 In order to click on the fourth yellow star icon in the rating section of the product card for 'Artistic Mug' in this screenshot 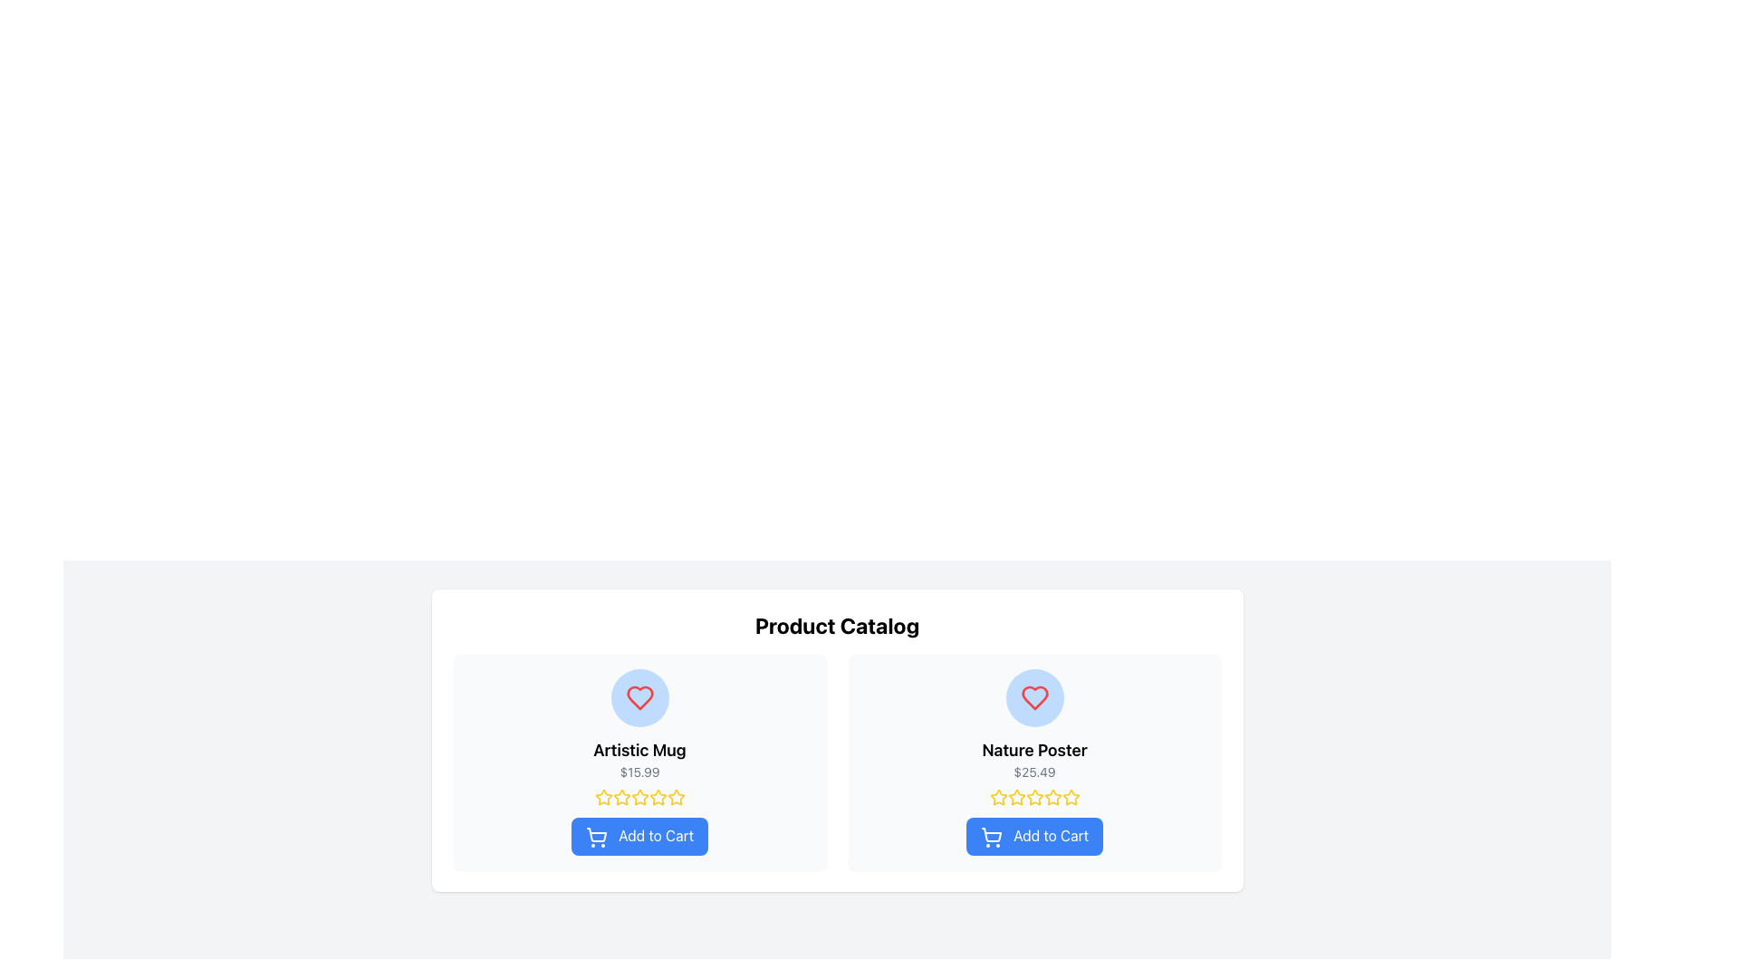, I will do `click(639, 796)`.